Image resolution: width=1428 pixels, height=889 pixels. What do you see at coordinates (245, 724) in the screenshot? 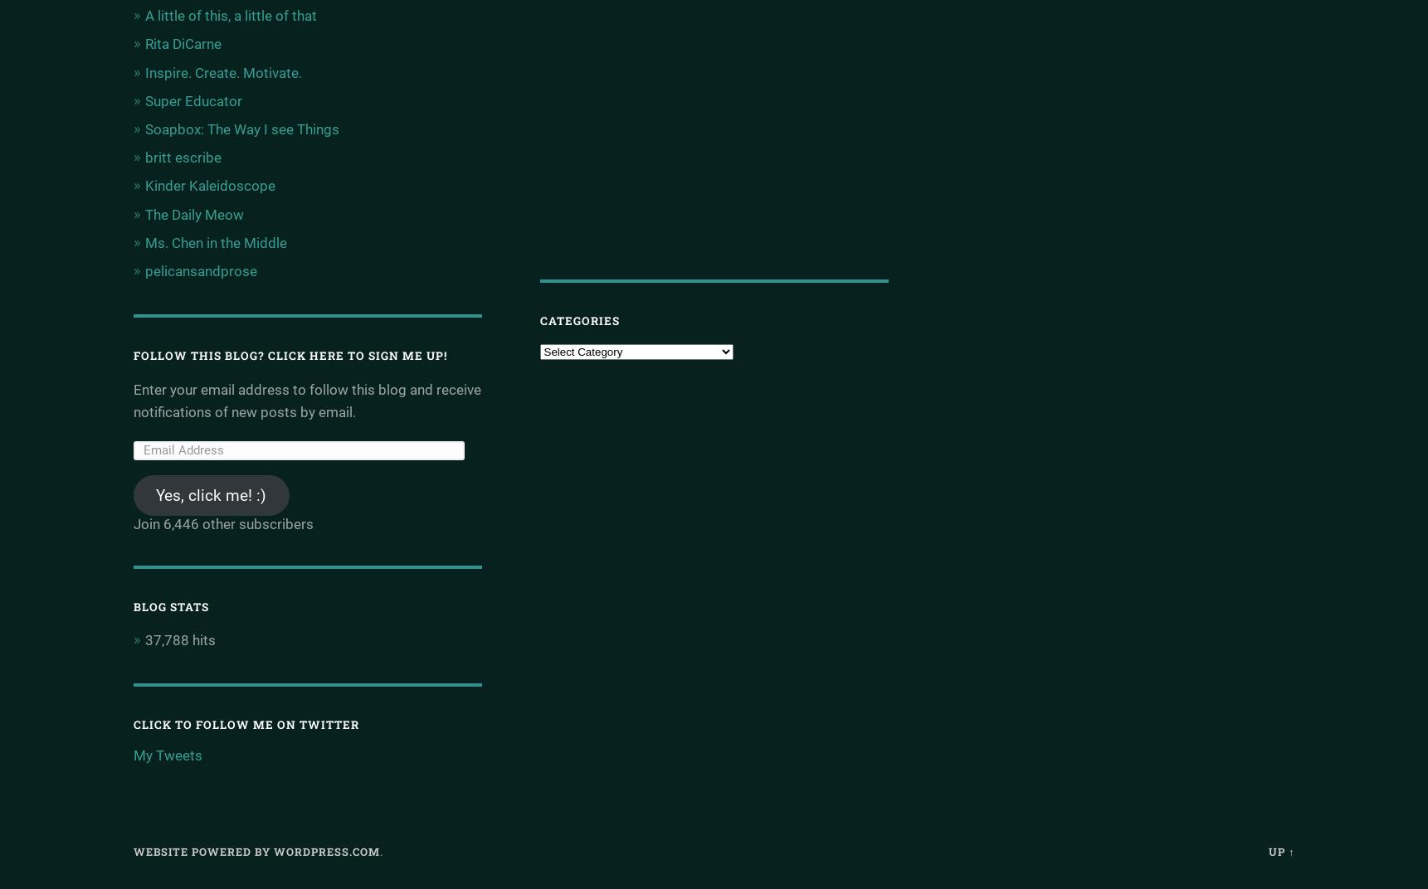
I see `'Click to follow me on Twitter'` at bounding box center [245, 724].